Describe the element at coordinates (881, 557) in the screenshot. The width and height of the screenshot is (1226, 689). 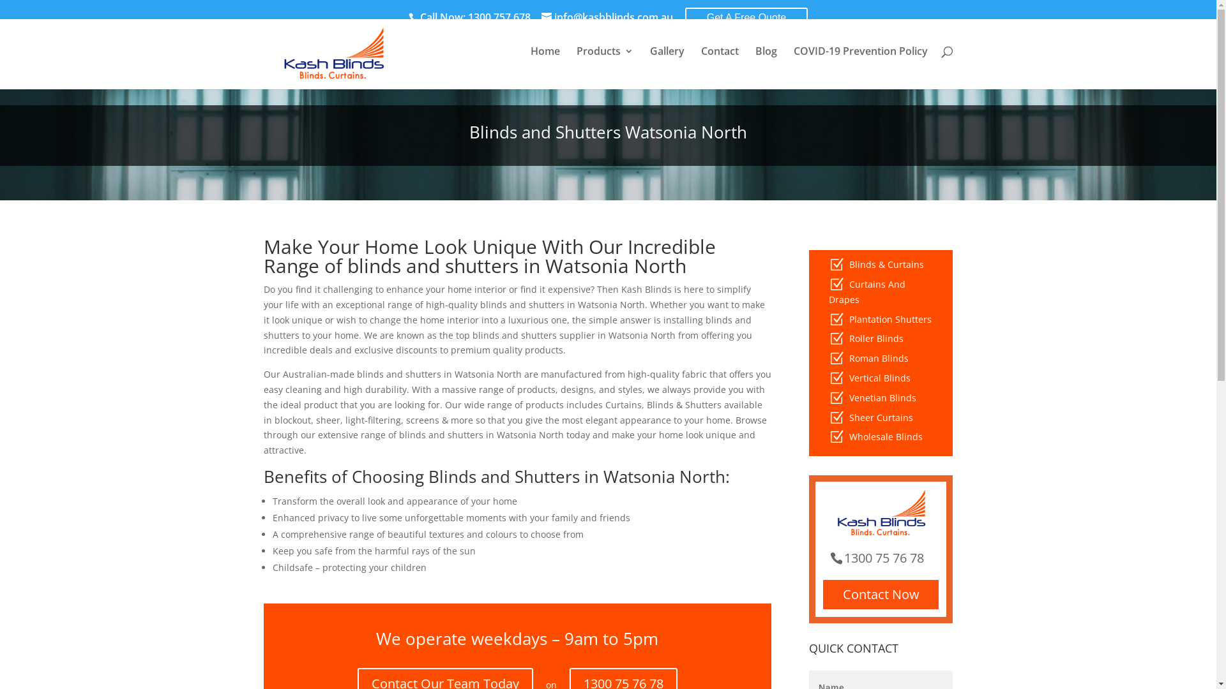
I see `'1300 75 76 78'` at that location.